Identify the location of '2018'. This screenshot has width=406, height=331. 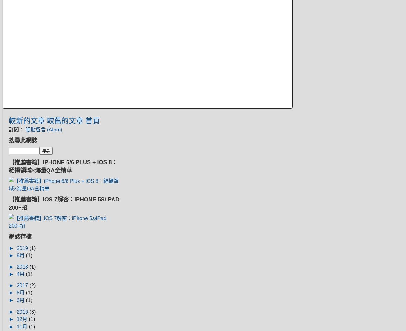
(23, 266).